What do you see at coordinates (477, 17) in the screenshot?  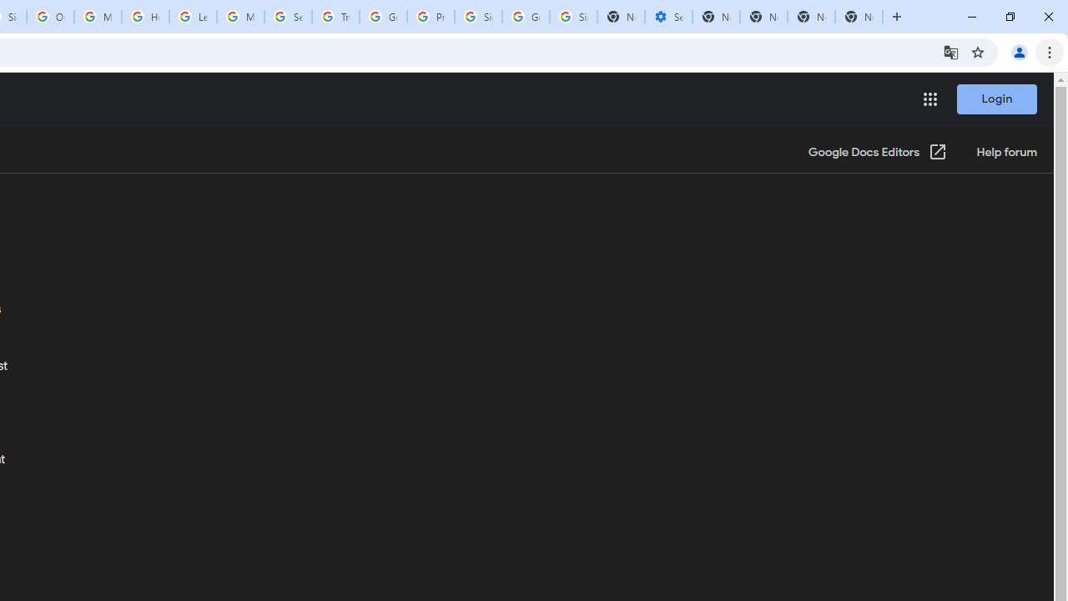 I see `'Sign in - Google Accounts'` at bounding box center [477, 17].